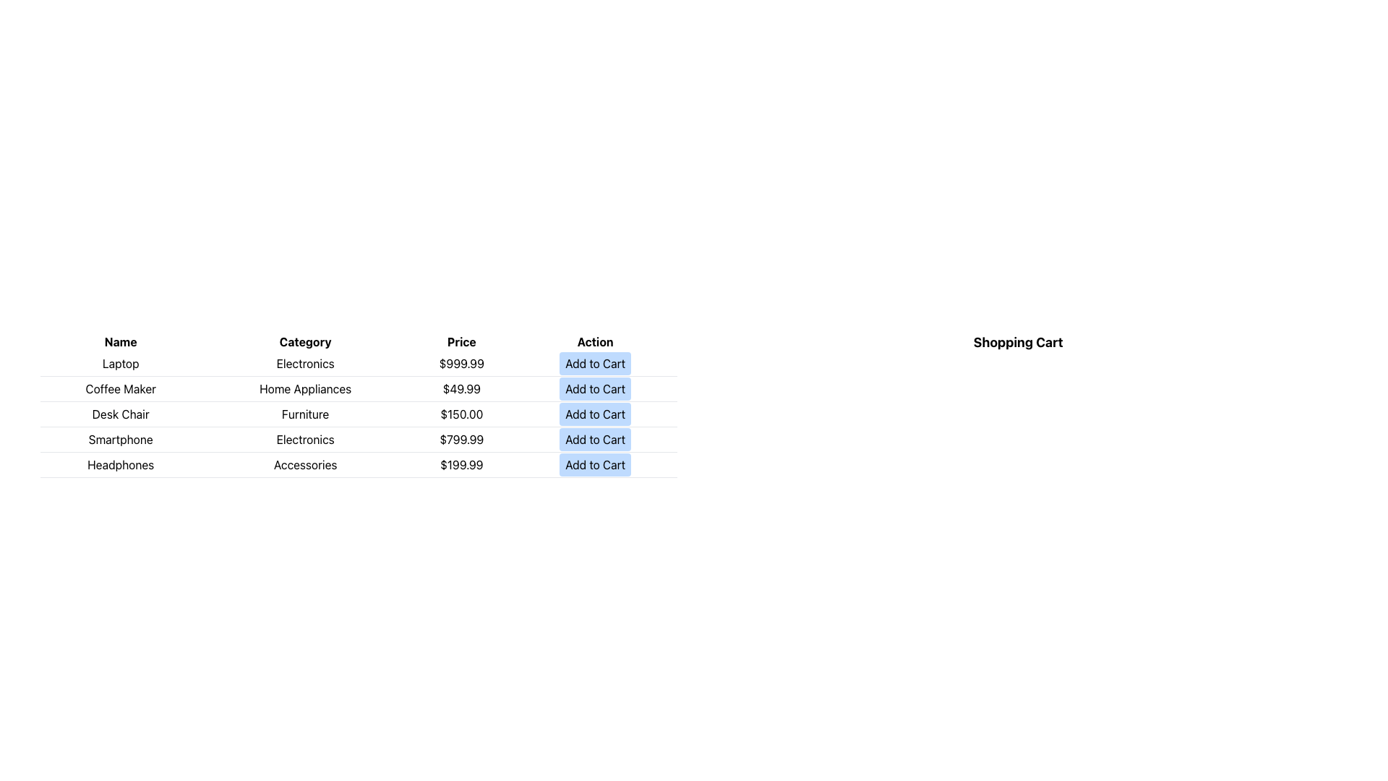 The image size is (1388, 781). I want to click on static text label displaying the price '$999.99', which is positioned in the third column labeled 'Price' in the first row of a table, between the 'Electronics' category label and the 'Add to Cart' button, so click(460, 363).